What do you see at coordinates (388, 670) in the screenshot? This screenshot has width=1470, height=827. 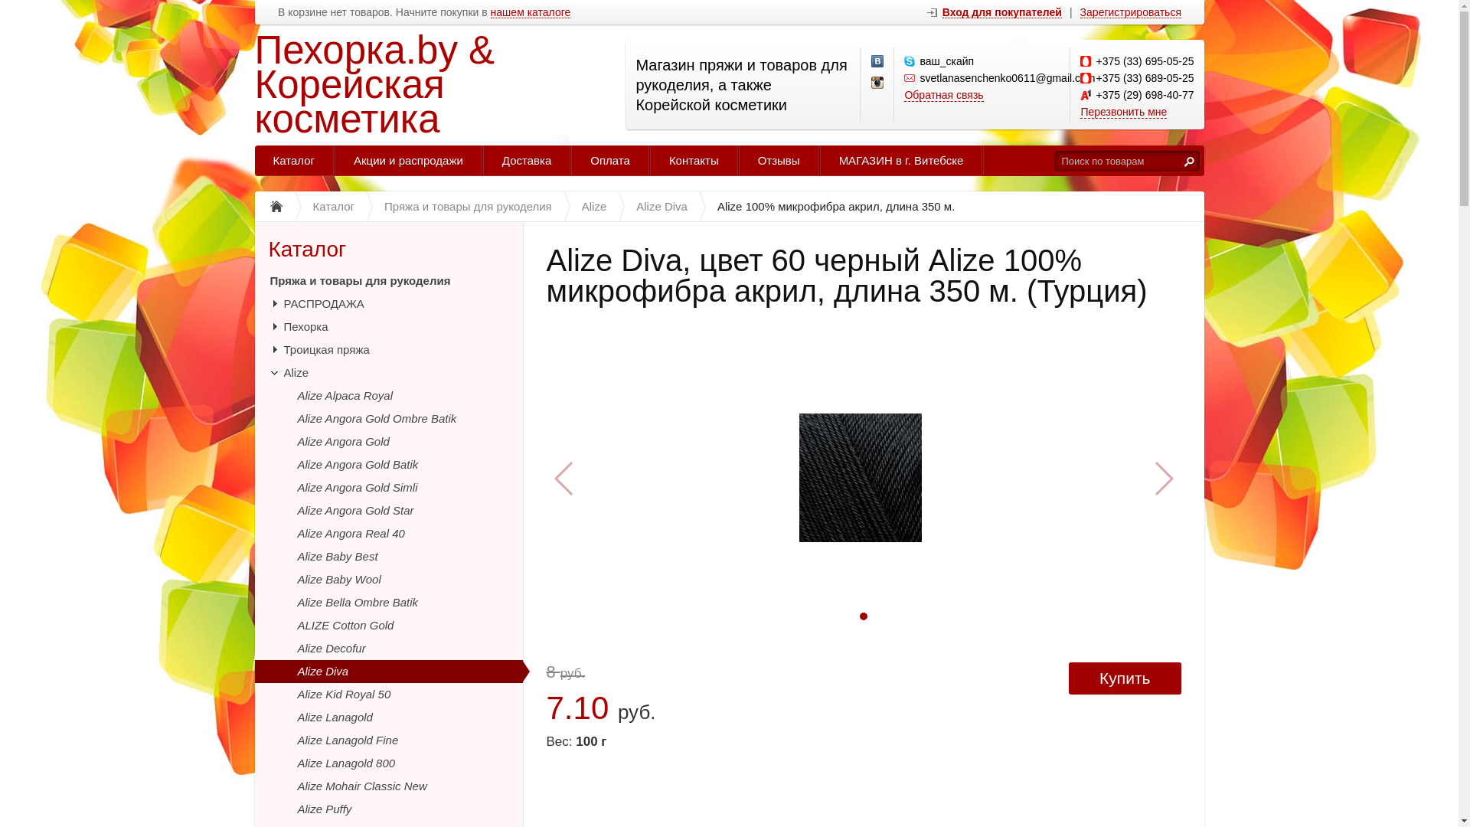 I see `'Alize Diva'` at bounding box center [388, 670].